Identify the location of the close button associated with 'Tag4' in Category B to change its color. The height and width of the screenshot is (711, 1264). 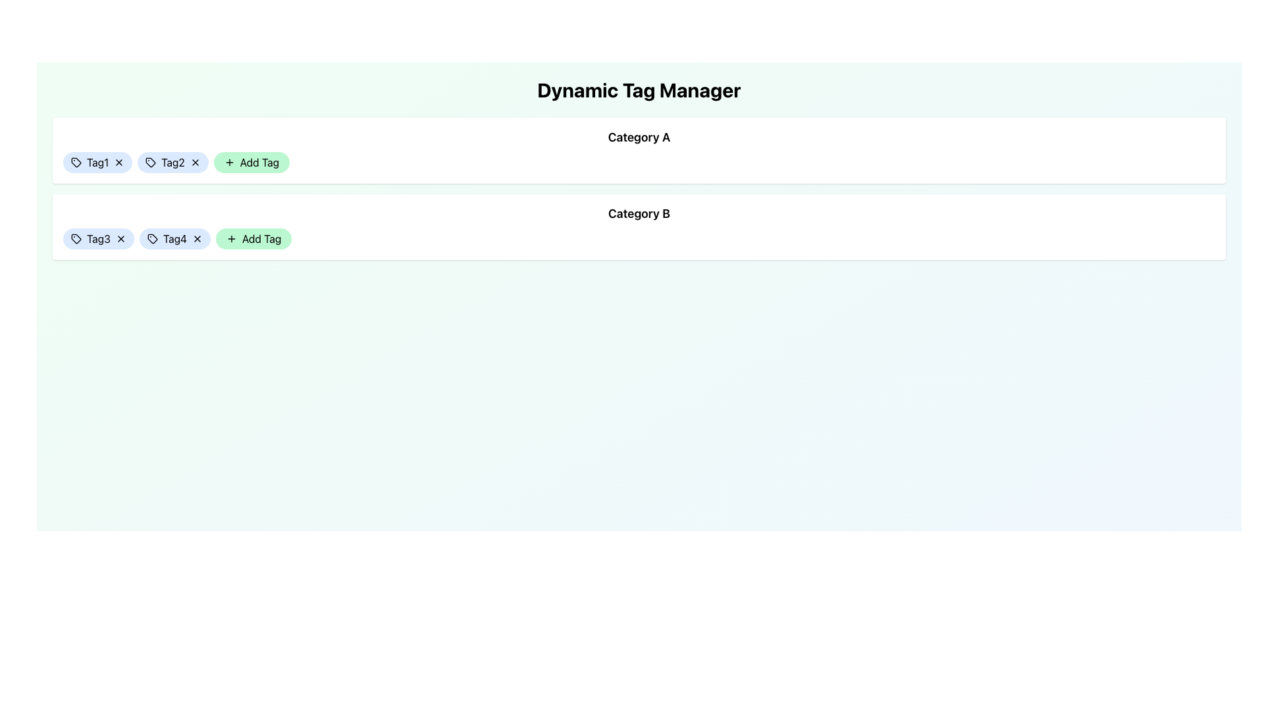
(196, 238).